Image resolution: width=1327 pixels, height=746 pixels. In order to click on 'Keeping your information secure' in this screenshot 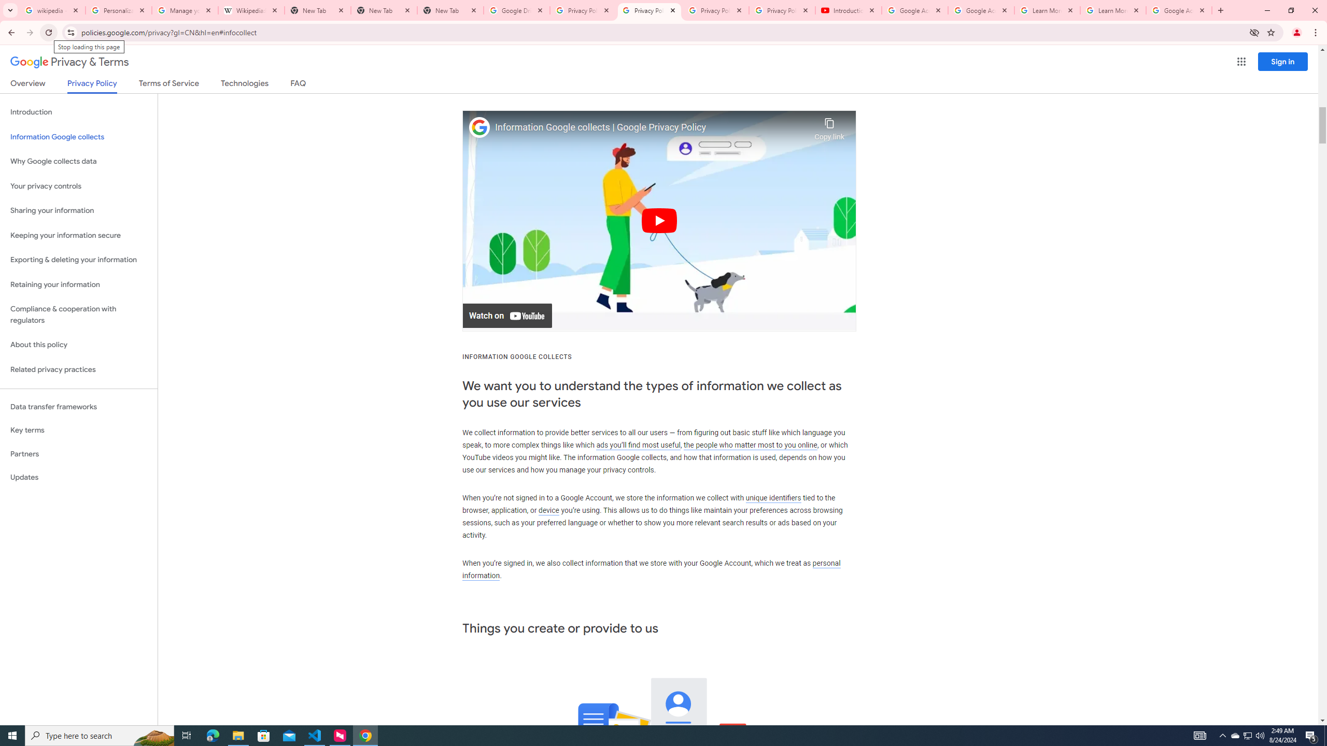, I will do `click(78, 236)`.